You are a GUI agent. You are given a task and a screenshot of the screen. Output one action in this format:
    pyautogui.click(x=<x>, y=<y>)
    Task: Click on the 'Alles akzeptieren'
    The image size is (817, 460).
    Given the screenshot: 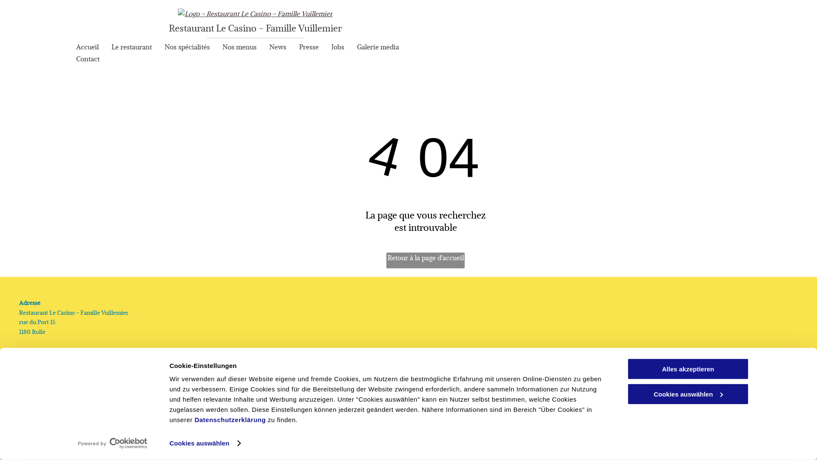 What is the action you would take?
    pyautogui.click(x=688, y=368)
    